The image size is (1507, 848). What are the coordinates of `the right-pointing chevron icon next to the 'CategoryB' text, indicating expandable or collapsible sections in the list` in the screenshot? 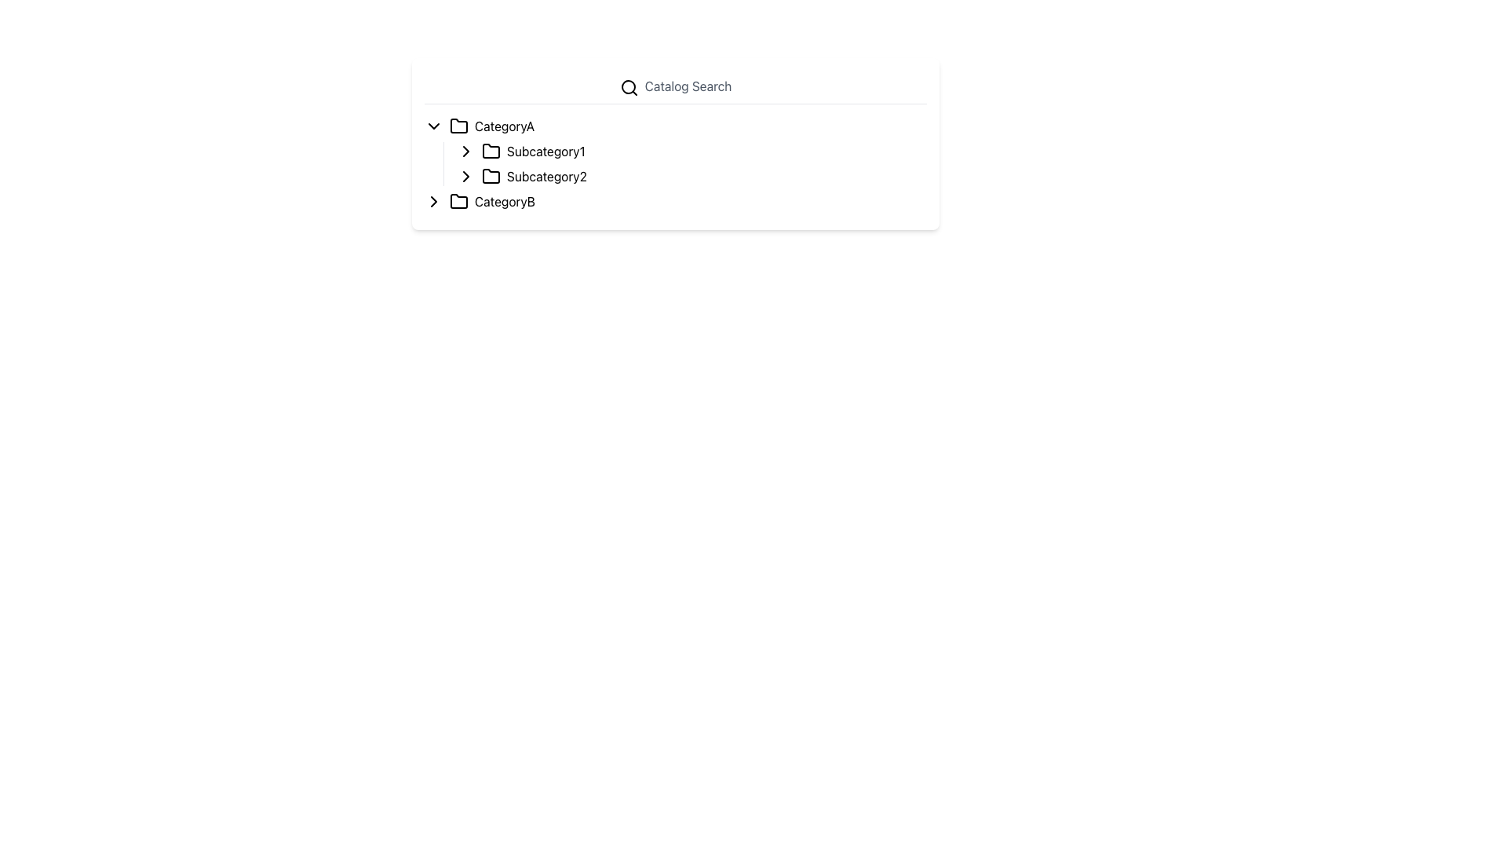 It's located at (433, 199).